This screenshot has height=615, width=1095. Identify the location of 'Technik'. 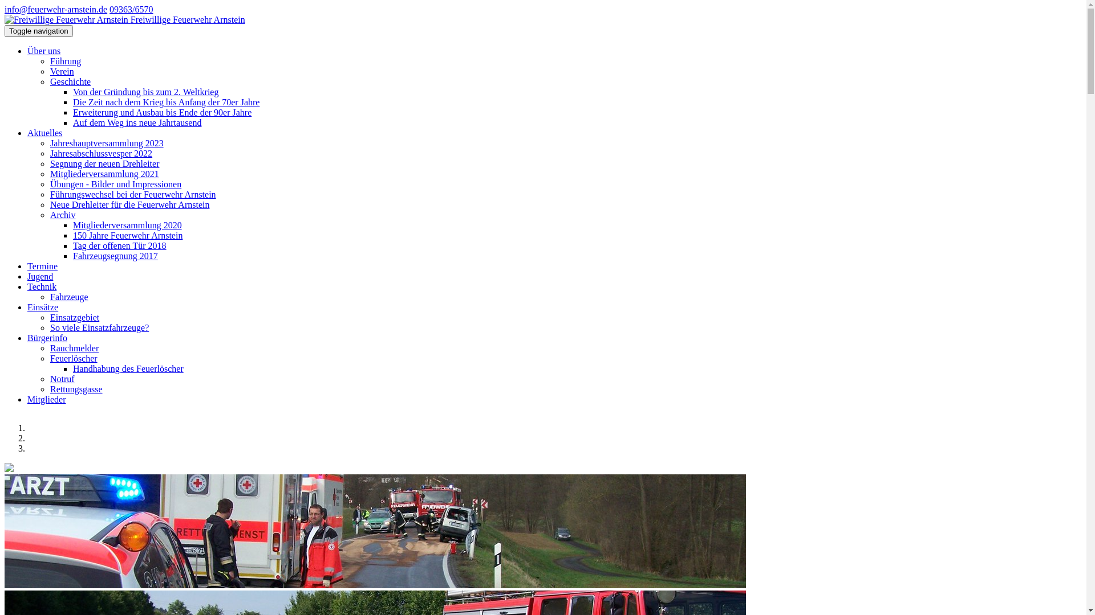
(42, 286).